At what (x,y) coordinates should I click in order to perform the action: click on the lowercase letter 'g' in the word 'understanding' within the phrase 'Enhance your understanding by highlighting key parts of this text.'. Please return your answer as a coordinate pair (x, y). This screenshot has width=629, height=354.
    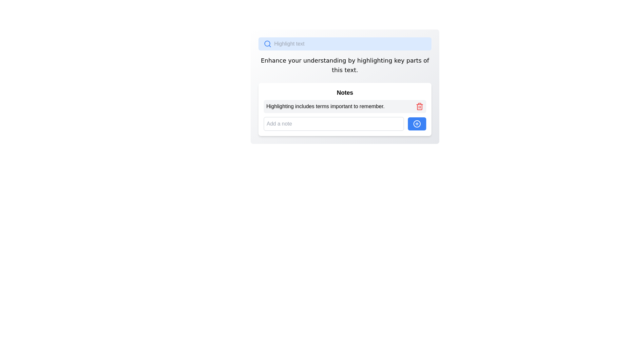
    Looking at the image, I should click on (344, 60).